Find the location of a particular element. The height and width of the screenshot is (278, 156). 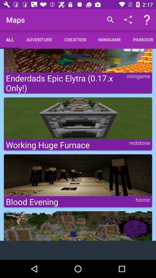

item to the right of the creation app is located at coordinates (110, 20).